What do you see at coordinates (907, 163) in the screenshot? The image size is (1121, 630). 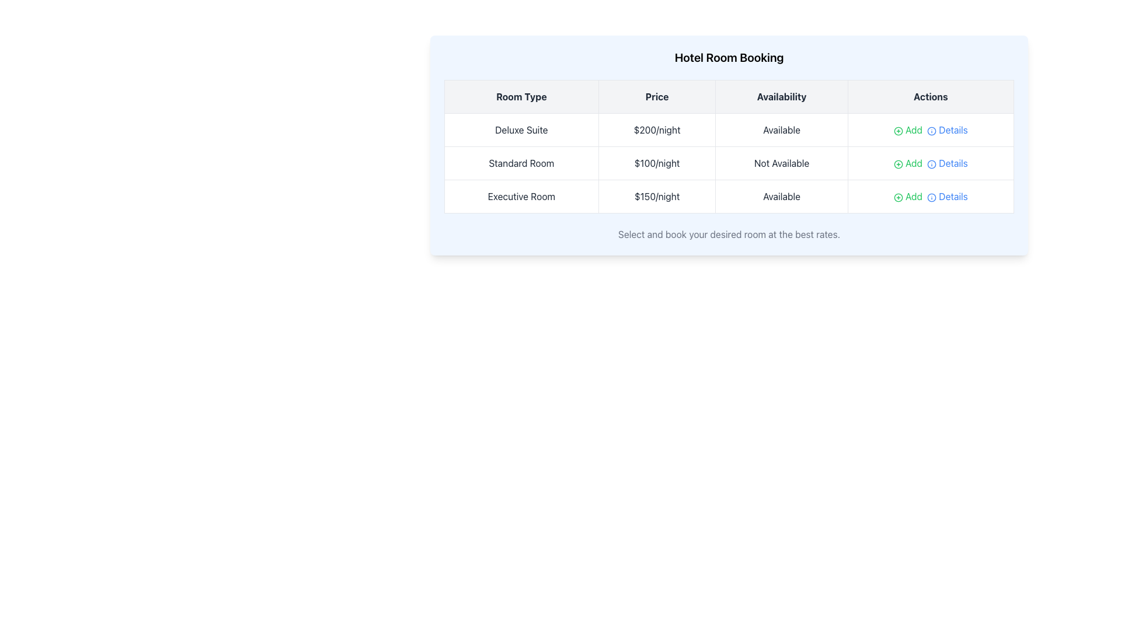 I see `the 'Add' button located on the second row under the 'Actions' column in the table layout, which is positioned to the left of the blue 'Details' link` at bounding box center [907, 163].